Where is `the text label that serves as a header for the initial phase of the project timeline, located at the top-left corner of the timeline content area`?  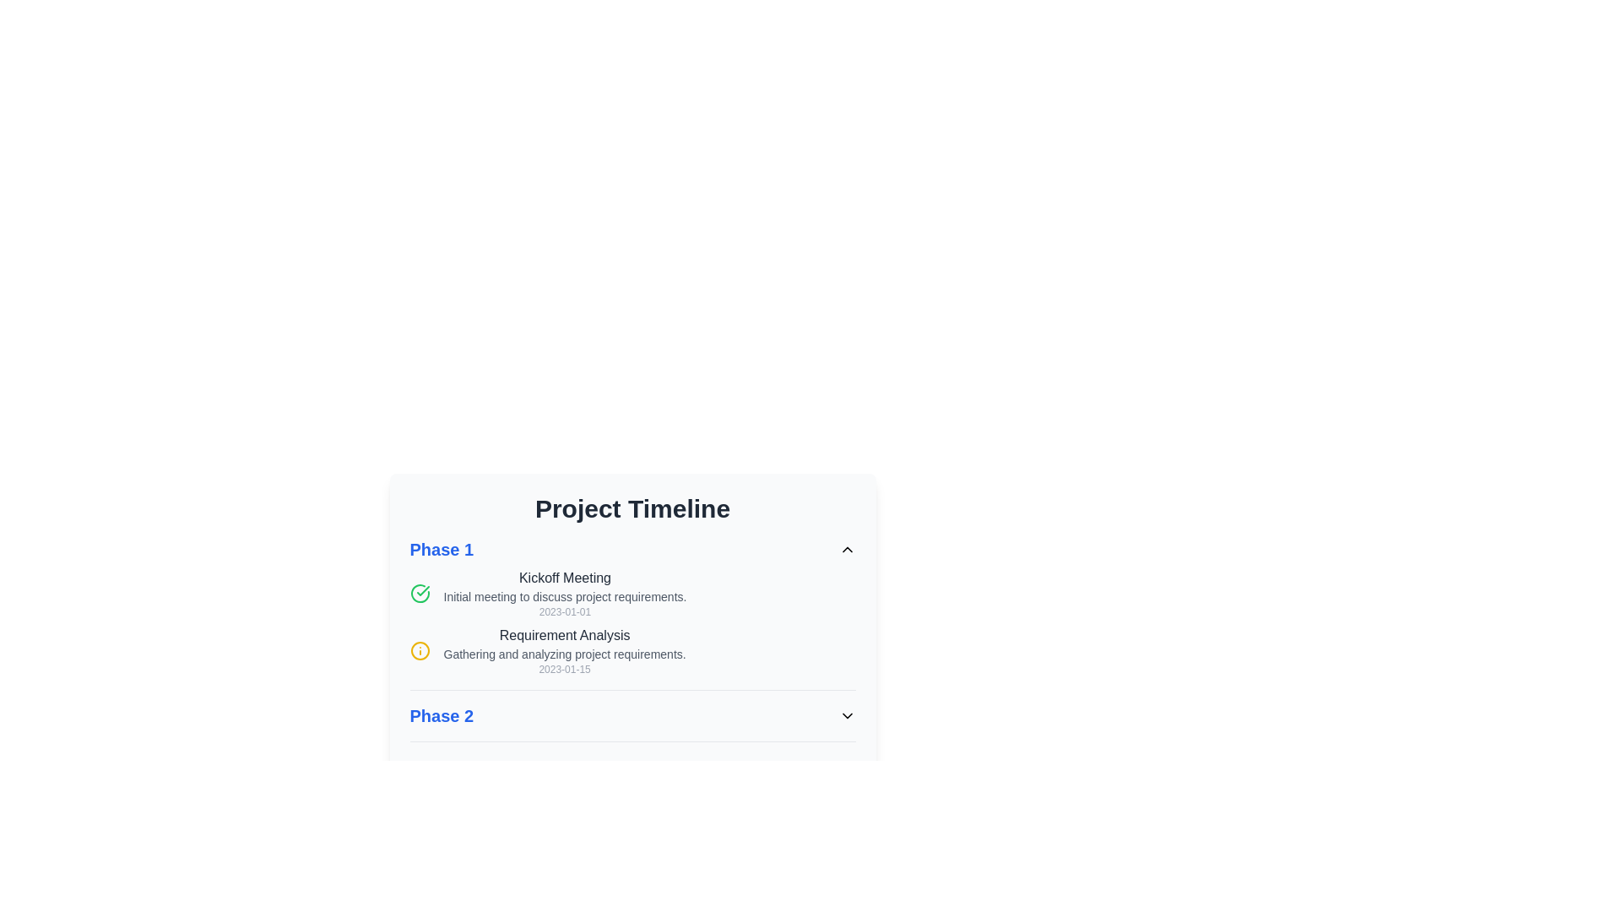 the text label that serves as a header for the initial phase of the project timeline, located at the top-left corner of the timeline content area is located at coordinates (442, 550).